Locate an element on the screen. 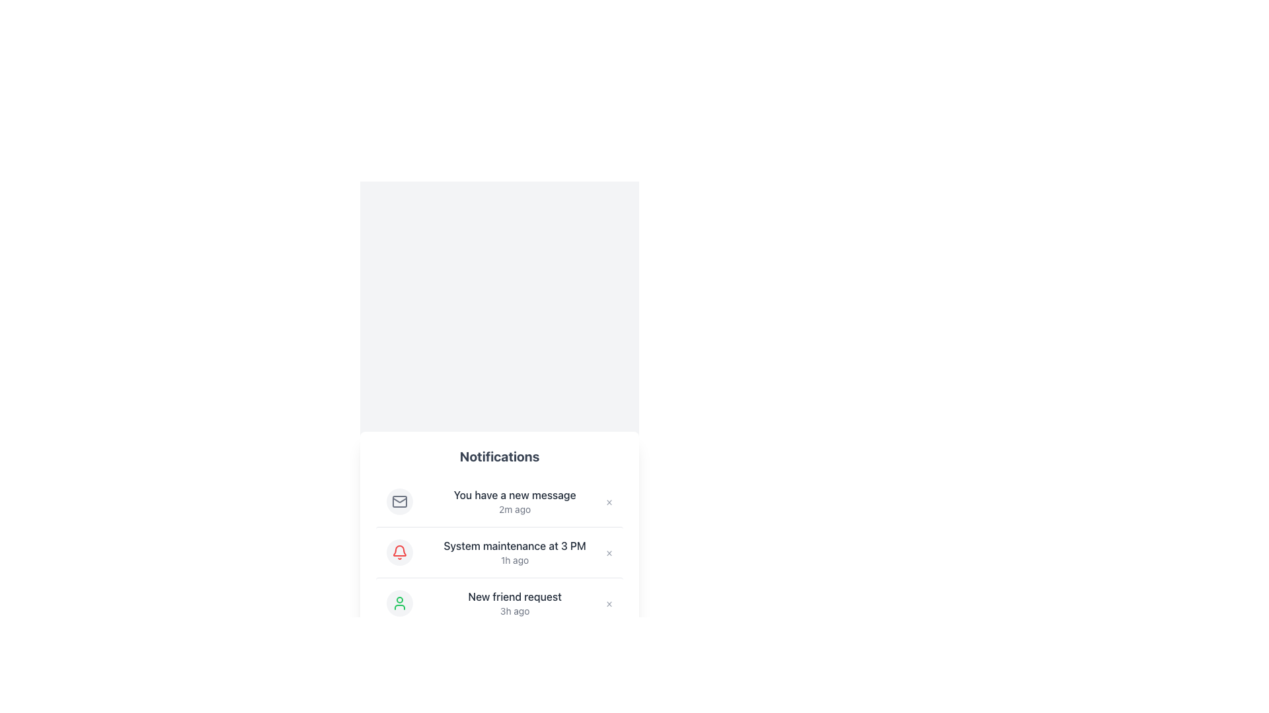 The height and width of the screenshot is (713, 1269). the unique decorative icon for the 'System maintenance at 3 PM' notification to access additional options is located at coordinates (399, 553).